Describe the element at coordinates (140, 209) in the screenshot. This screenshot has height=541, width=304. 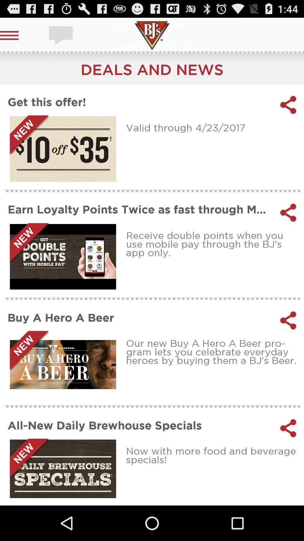
I see `the earn loyalty points` at that location.